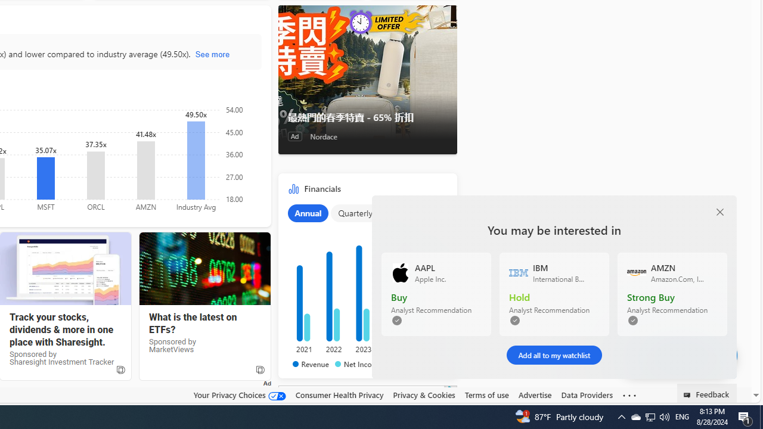 Image resolution: width=763 pixels, height=429 pixels. What do you see at coordinates (587, 394) in the screenshot?
I see `'Data Providers'` at bounding box center [587, 394].